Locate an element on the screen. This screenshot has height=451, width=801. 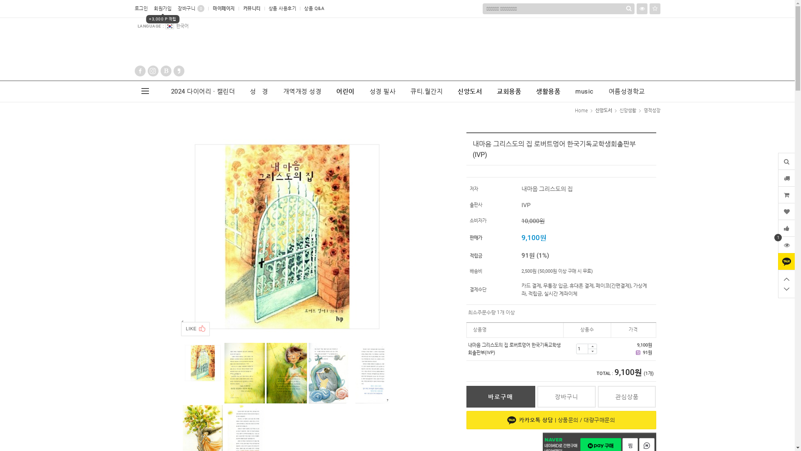
'music' is located at coordinates (584, 91).